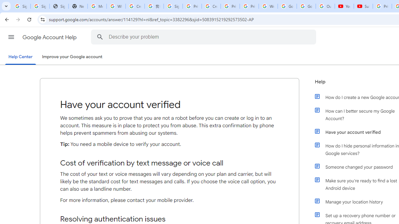 The height and width of the screenshot is (224, 399). I want to click on 'Google Account', so click(306, 6).